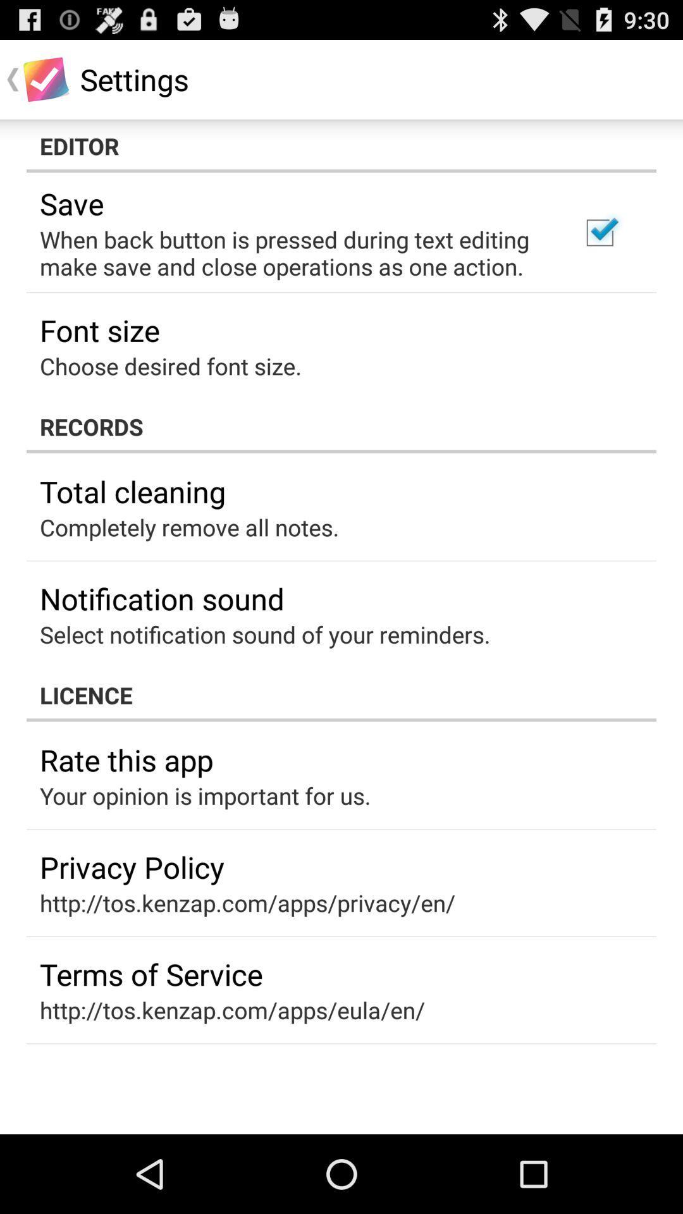 This screenshot has height=1214, width=683. I want to click on icon above the your opinion is, so click(126, 759).